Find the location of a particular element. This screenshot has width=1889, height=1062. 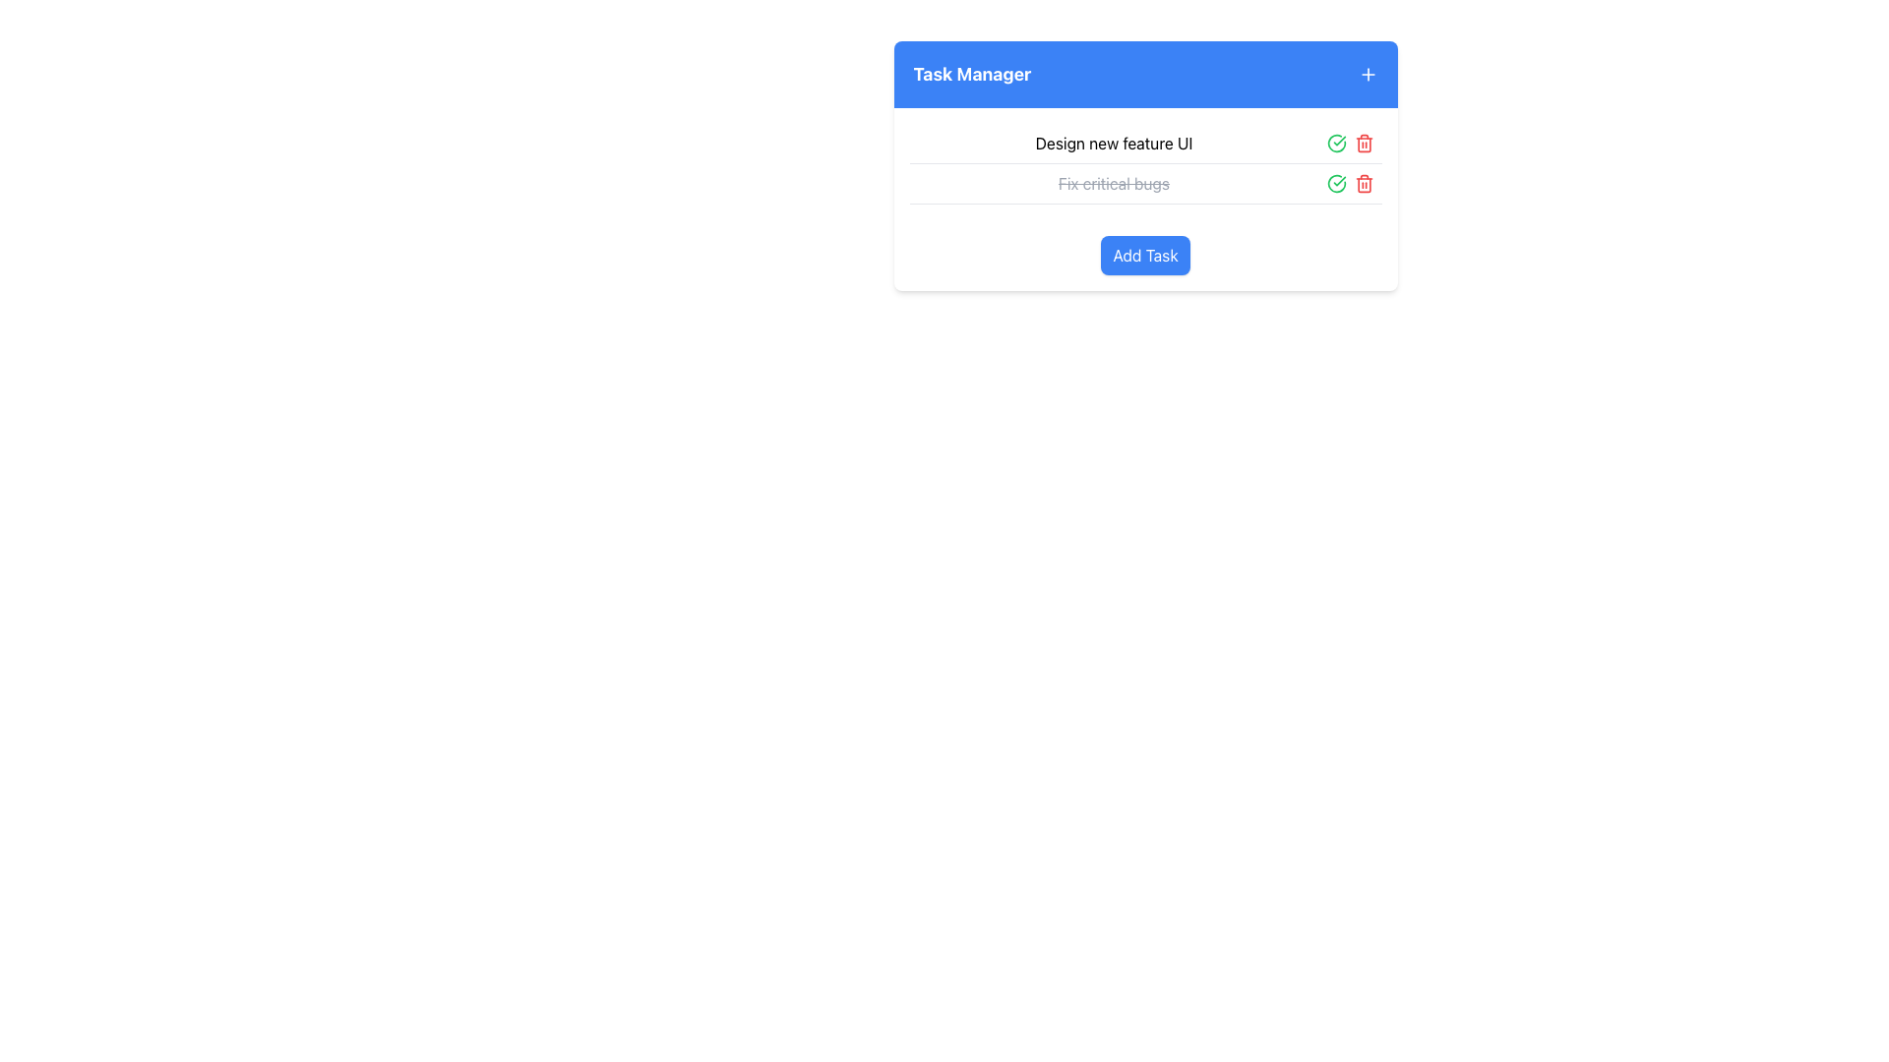

the confirmation button located next to the text 'Fix critical bugs' in the second task row to mark the task as completed is located at coordinates (1336, 143).